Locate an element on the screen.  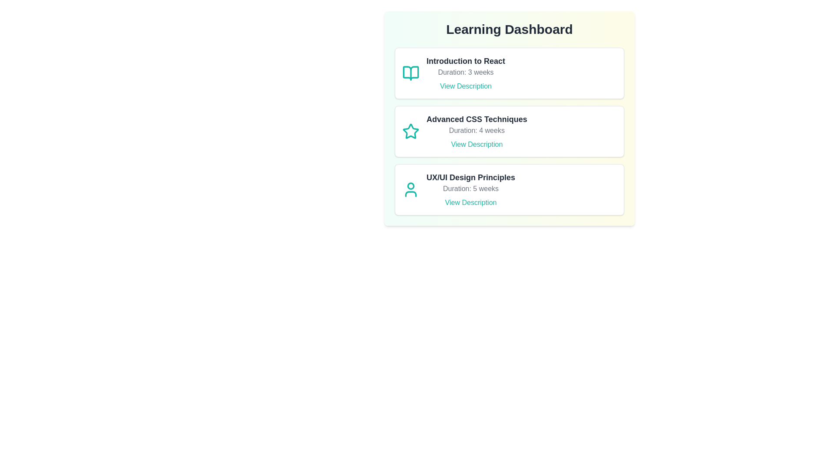
the icon of the course Advanced CSS Techniques is located at coordinates (410, 132).